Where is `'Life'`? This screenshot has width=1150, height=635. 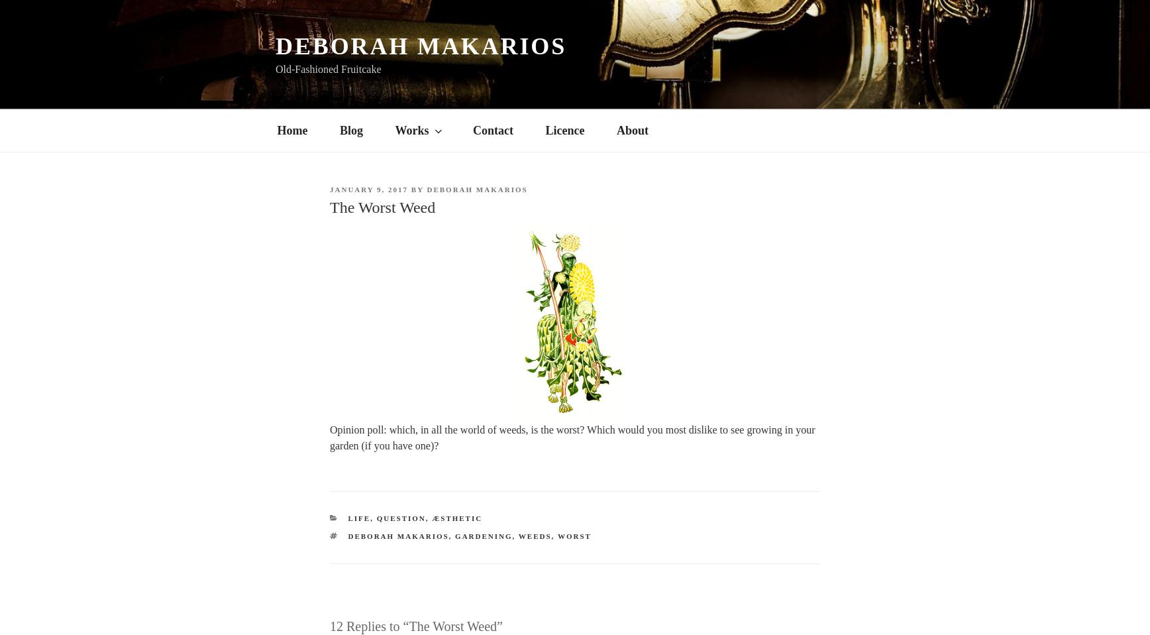
'Life' is located at coordinates (358, 517).